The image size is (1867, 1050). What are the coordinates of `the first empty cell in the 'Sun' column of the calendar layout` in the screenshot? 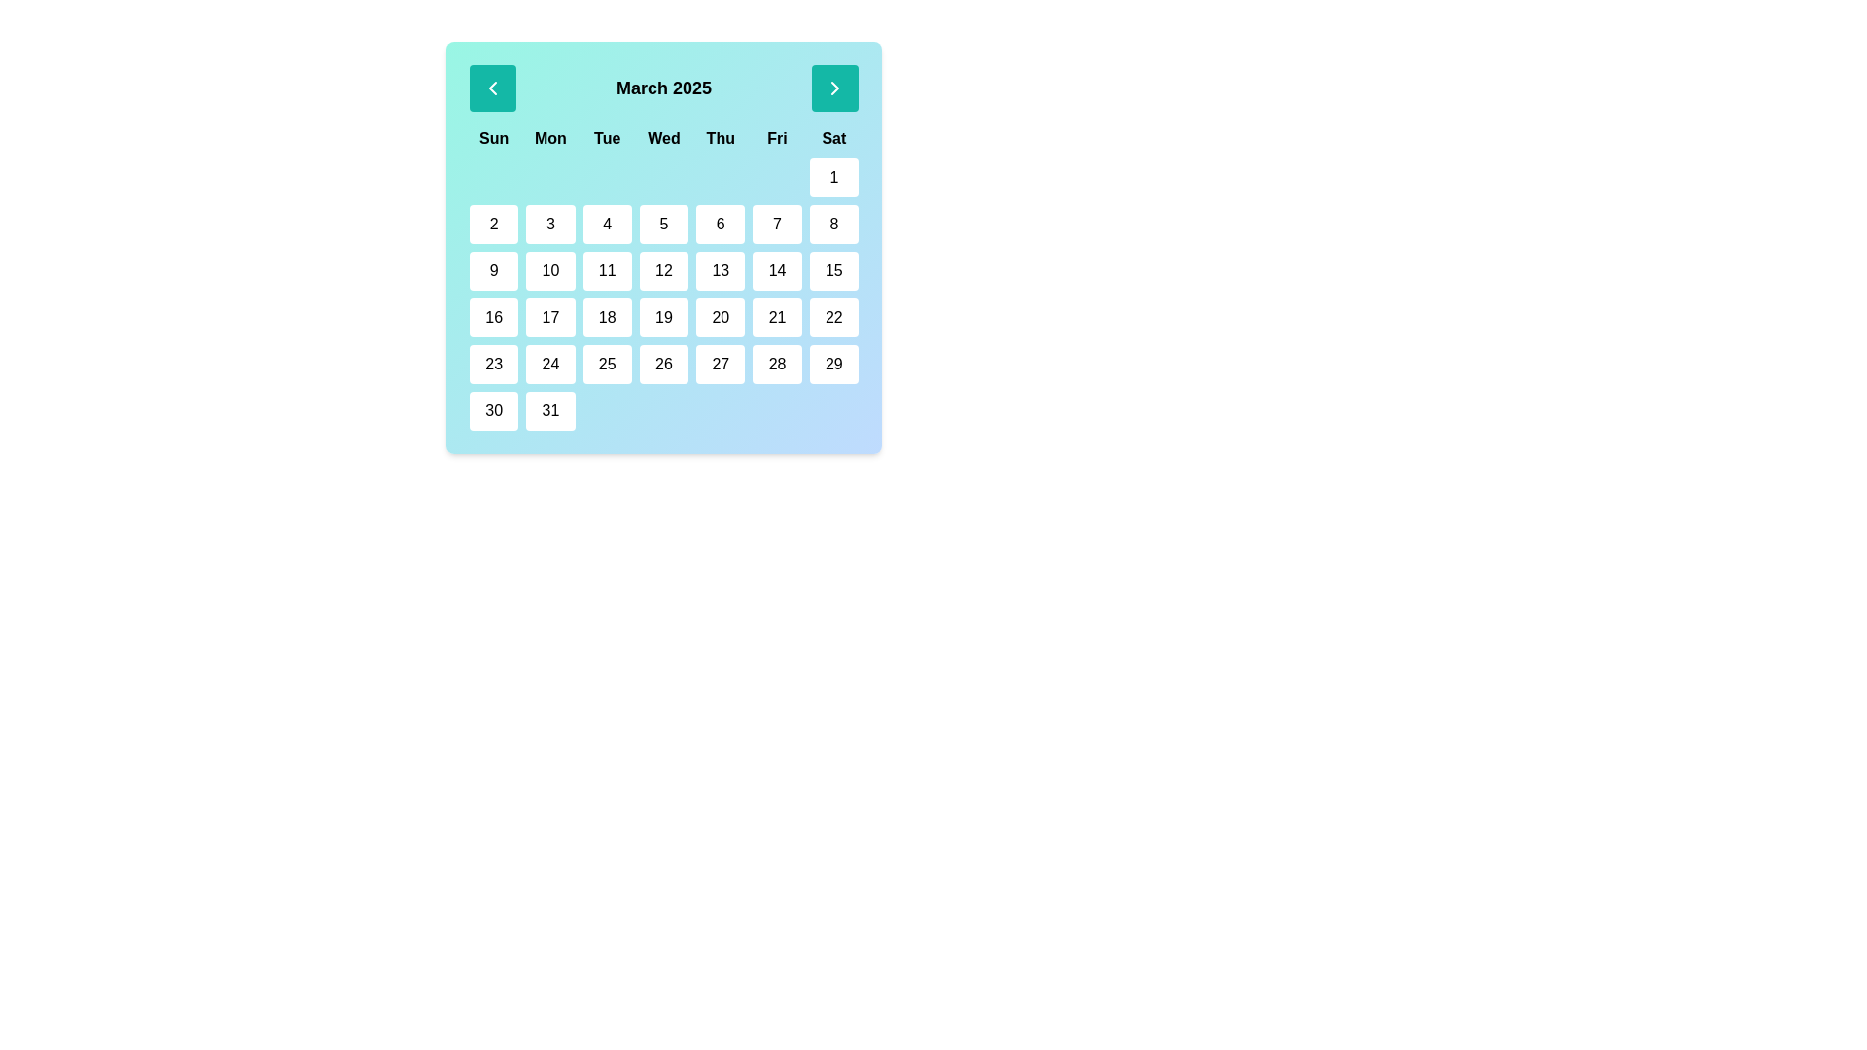 It's located at (494, 177).